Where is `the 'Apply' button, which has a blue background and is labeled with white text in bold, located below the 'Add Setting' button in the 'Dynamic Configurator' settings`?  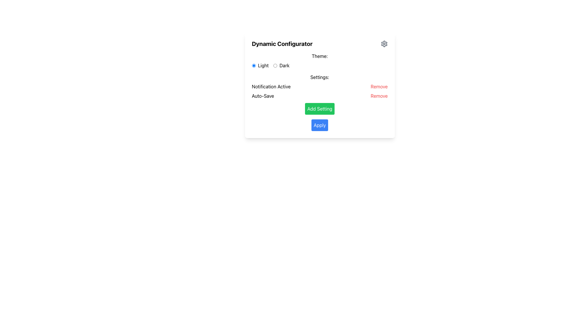
the 'Apply' button, which has a blue background and is labeled with white text in bold, located below the 'Add Setting' button in the 'Dynamic Configurator' settings is located at coordinates (319, 125).